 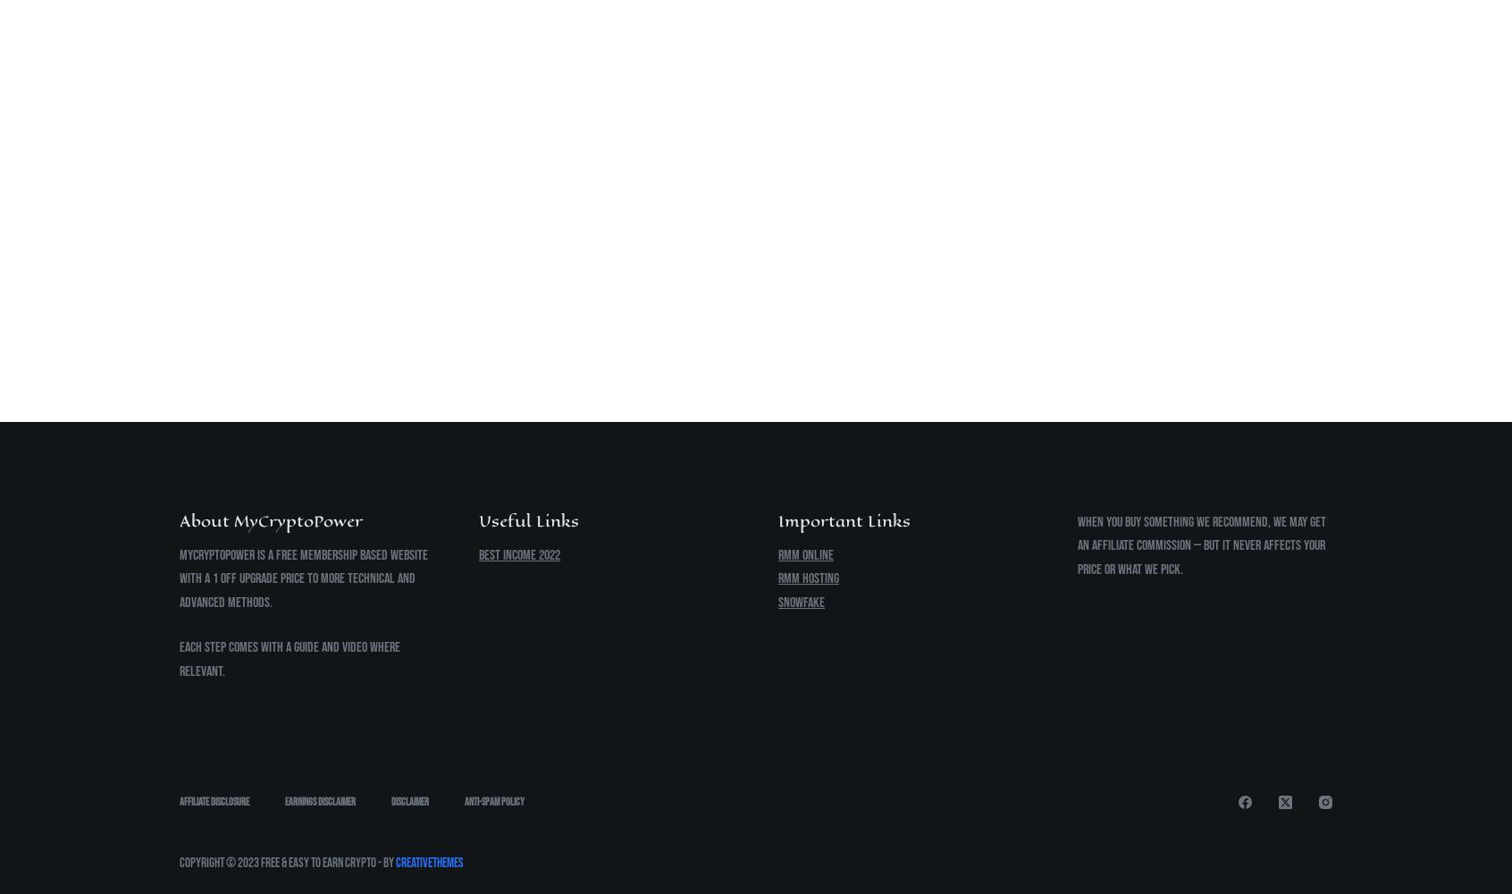 I want to click on 'RMM Online', so click(x=805, y=553).